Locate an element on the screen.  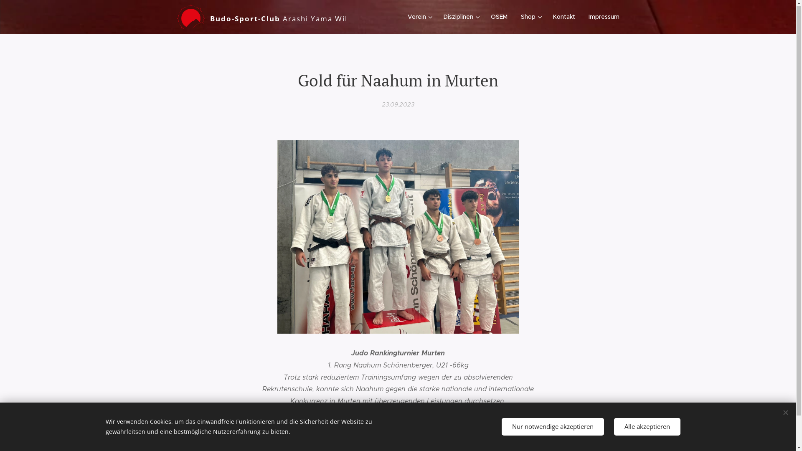
'OSEM' is located at coordinates (499, 17).